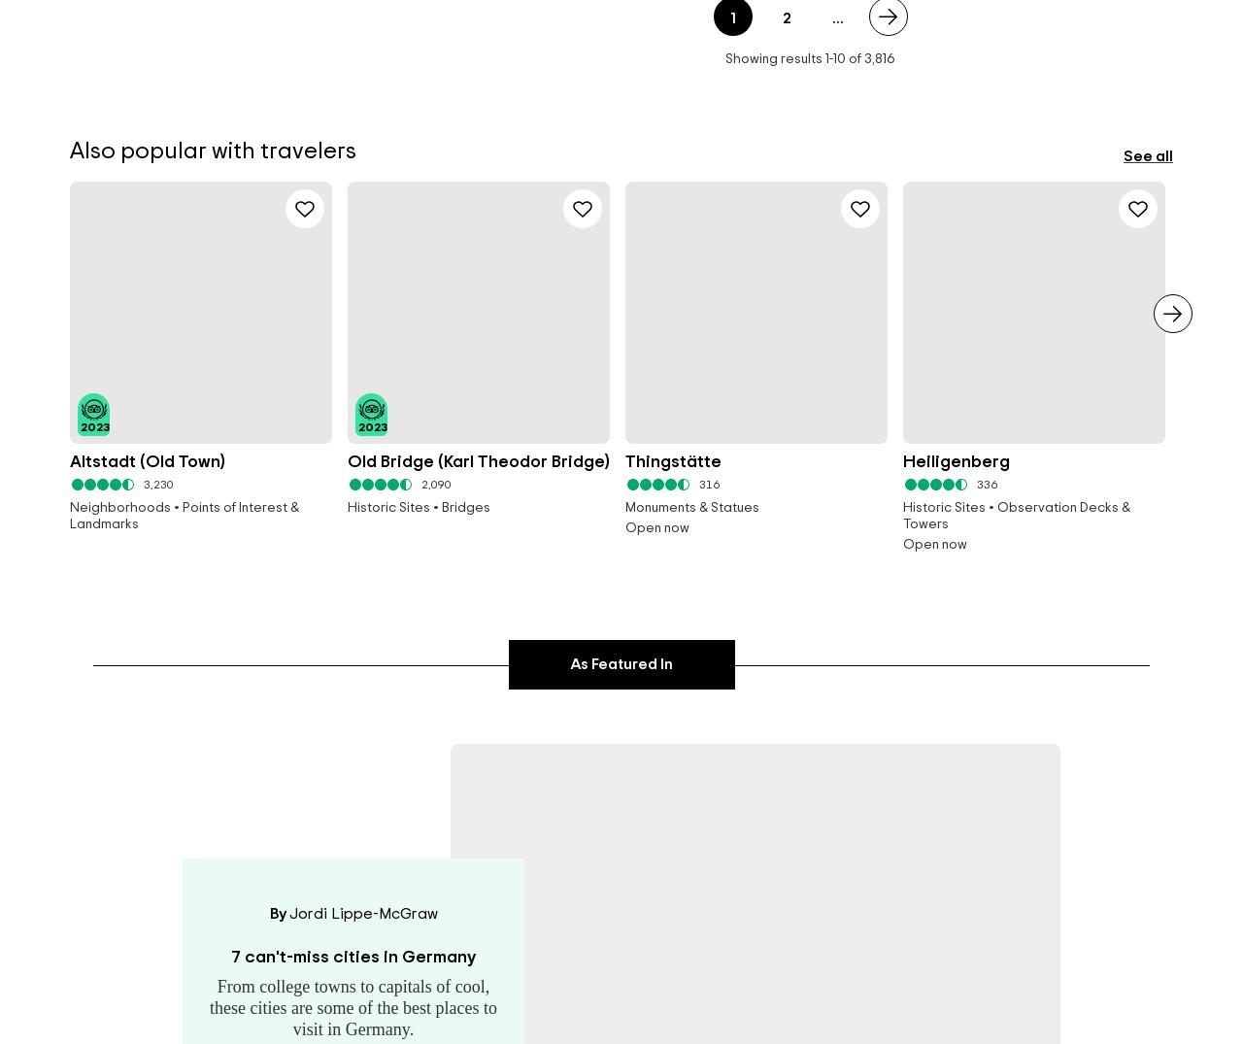  What do you see at coordinates (830, 58) in the screenshot?
I see `'-'` at bounding box center [830, 58].